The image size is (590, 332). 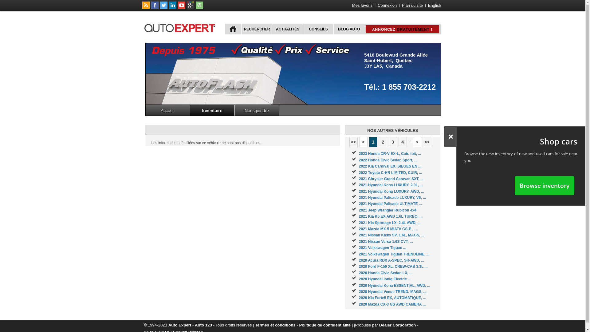 What do you see at coordinates (317, 29) in the screenshot?
I see `'CONSEILS'` at bounding box center [317, 29].